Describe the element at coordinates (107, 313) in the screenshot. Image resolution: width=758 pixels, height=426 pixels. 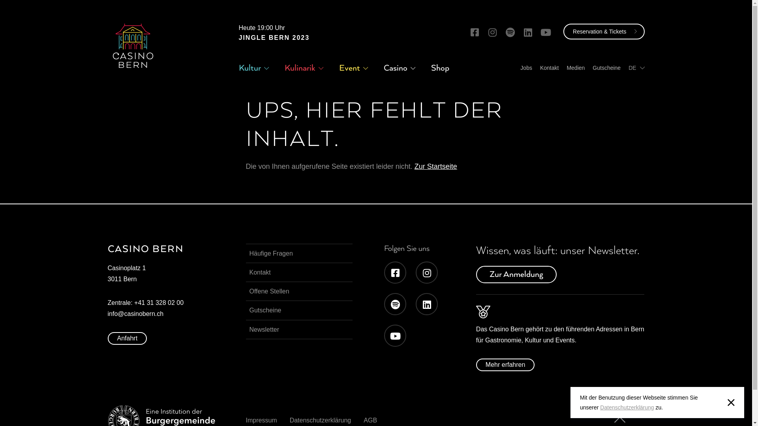
I see `'info@casinobern.ch'` at that location.